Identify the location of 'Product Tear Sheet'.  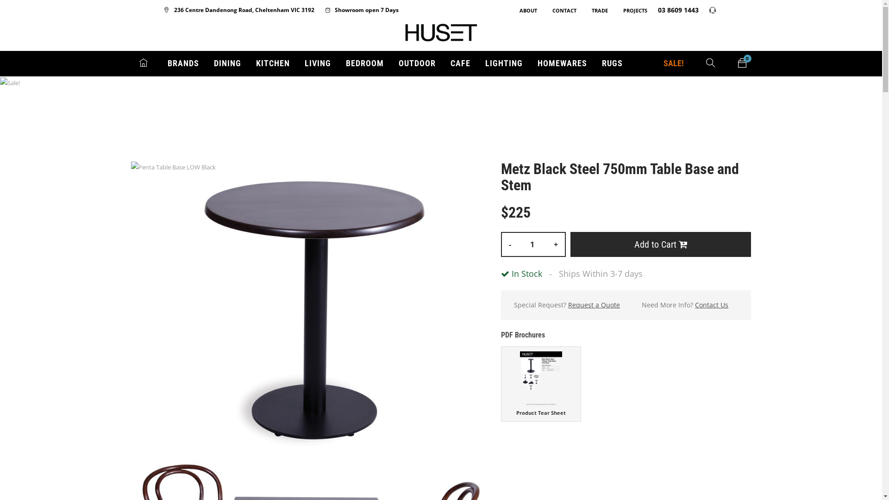
(541, 384).